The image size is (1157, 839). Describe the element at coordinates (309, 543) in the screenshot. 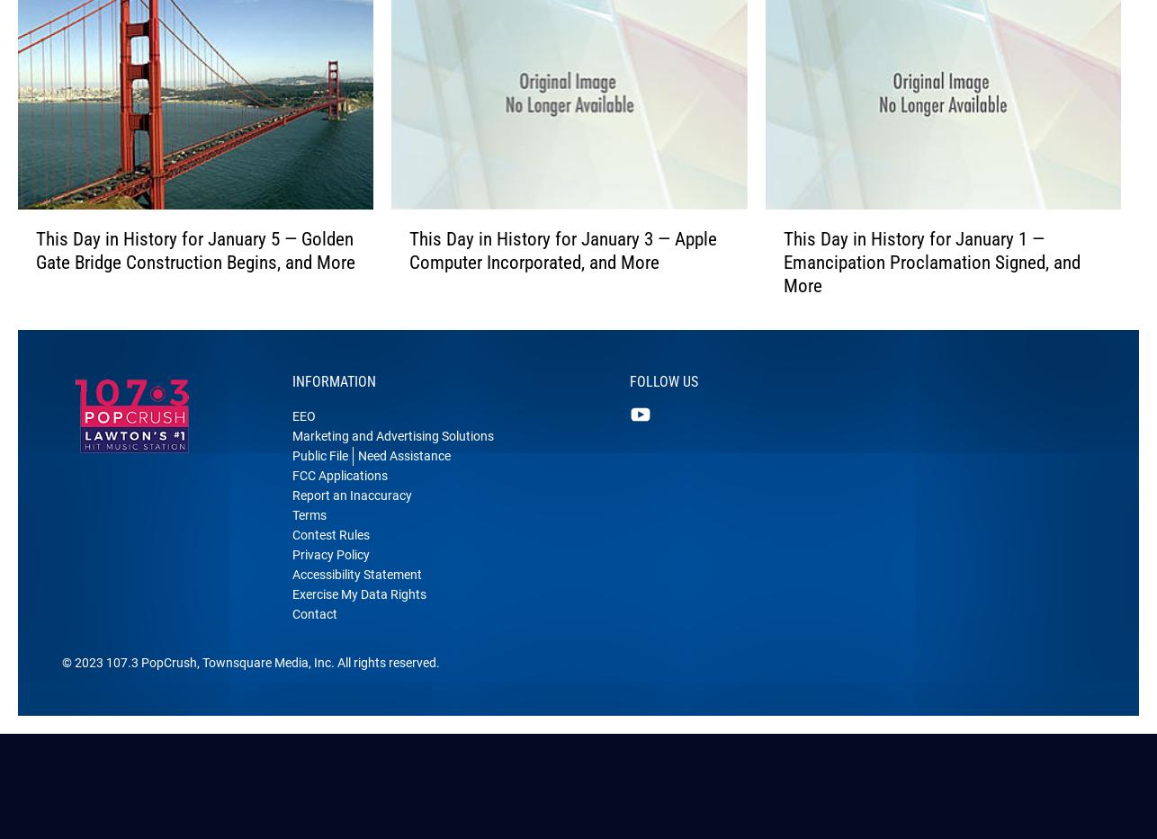

I see `'Terms'` at that location.